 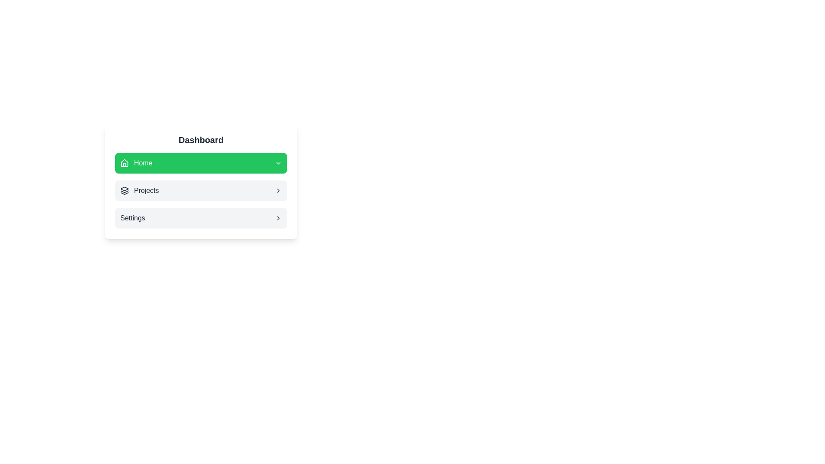 What do you see at coordinates (200, 218) in the screenshot?
I see `the 'Settings' button, which is the third item in a vertically stacked list of buttons, to provide visual feedback` at bounding box center [200, 218].